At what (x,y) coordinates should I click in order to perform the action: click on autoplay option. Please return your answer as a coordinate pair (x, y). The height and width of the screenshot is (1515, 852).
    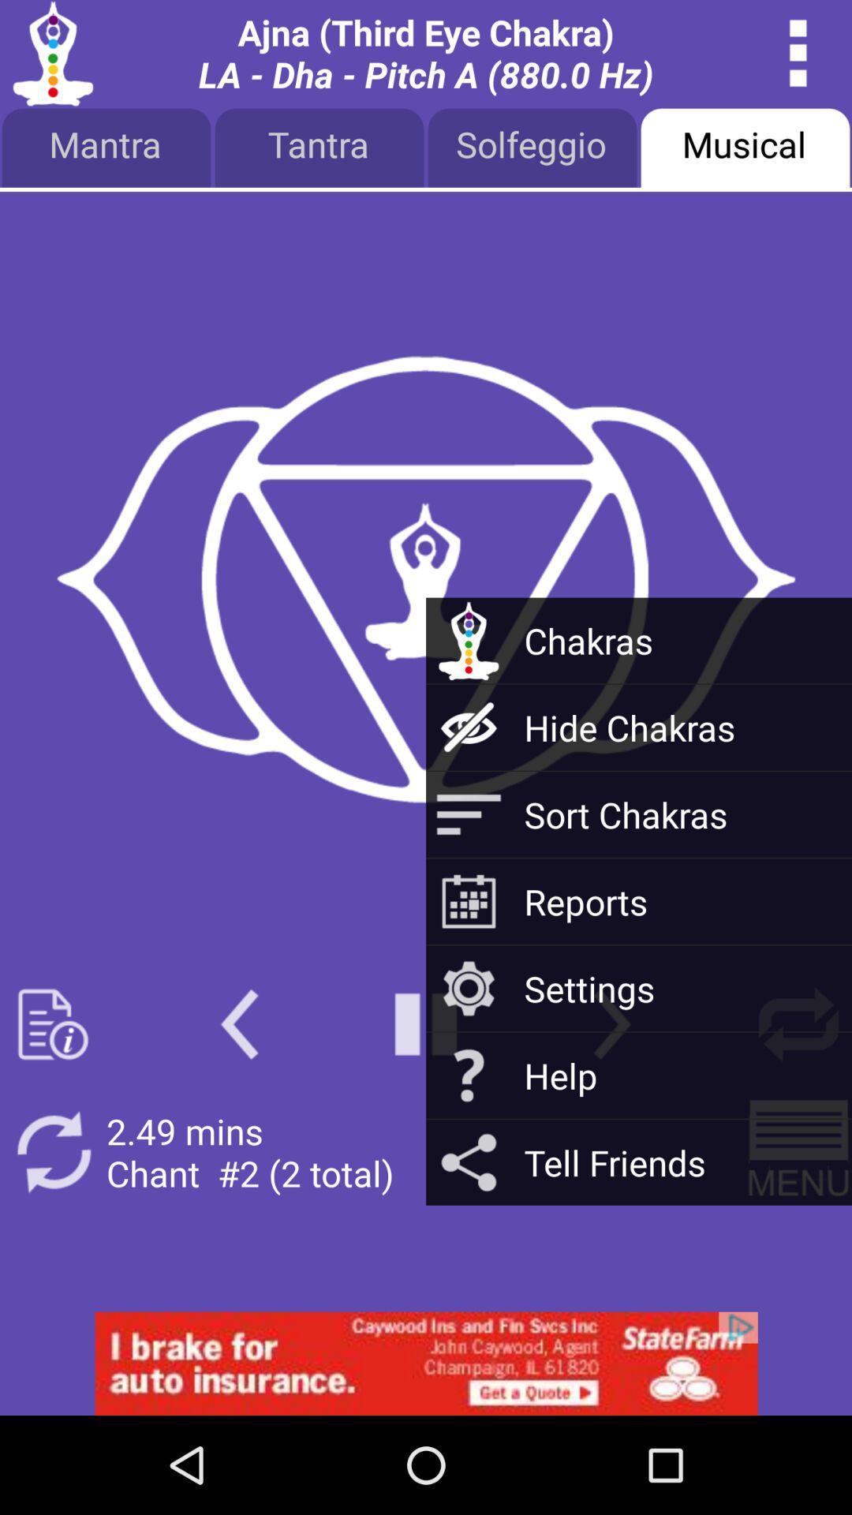
    Looking at the image, I should click on (798, 1152).